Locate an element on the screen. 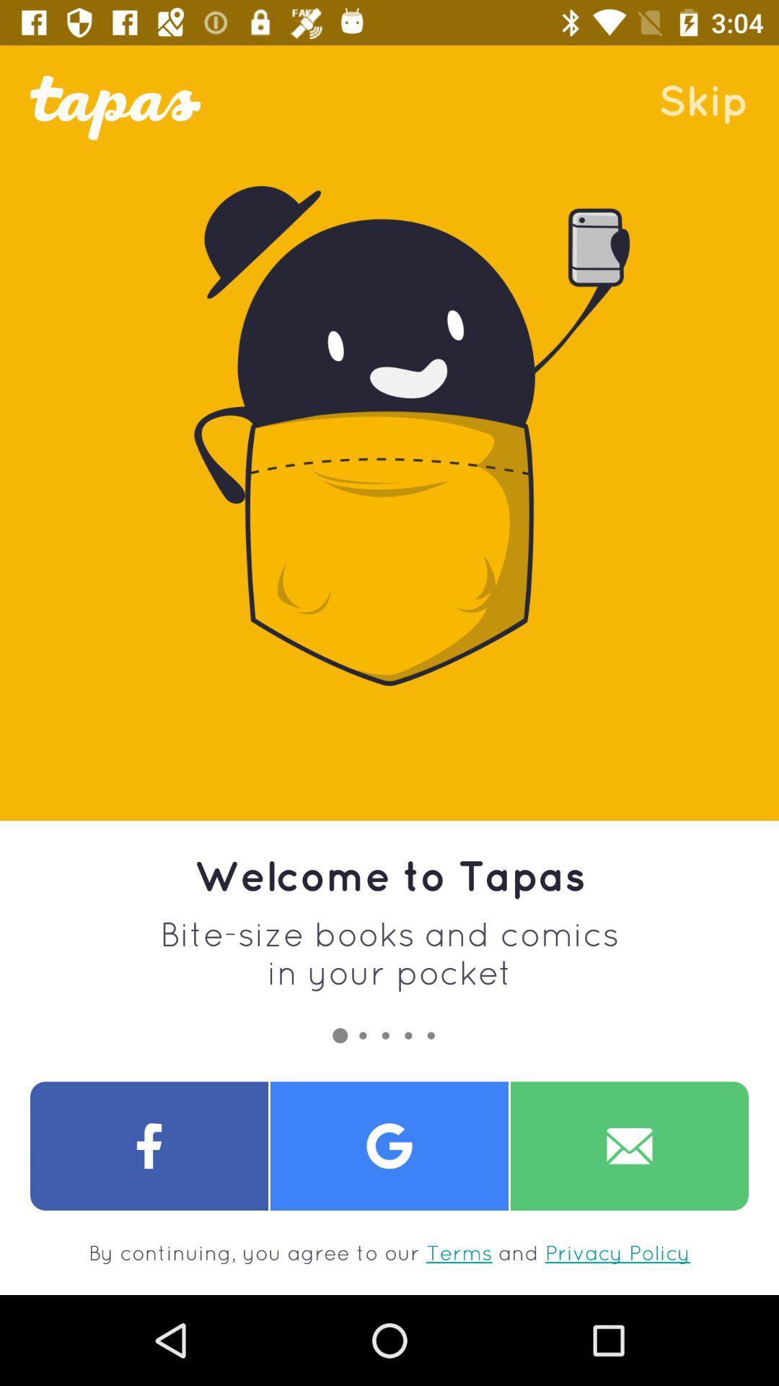 The image size is (779, 1386). google page is located at coordinates (389, 1145).